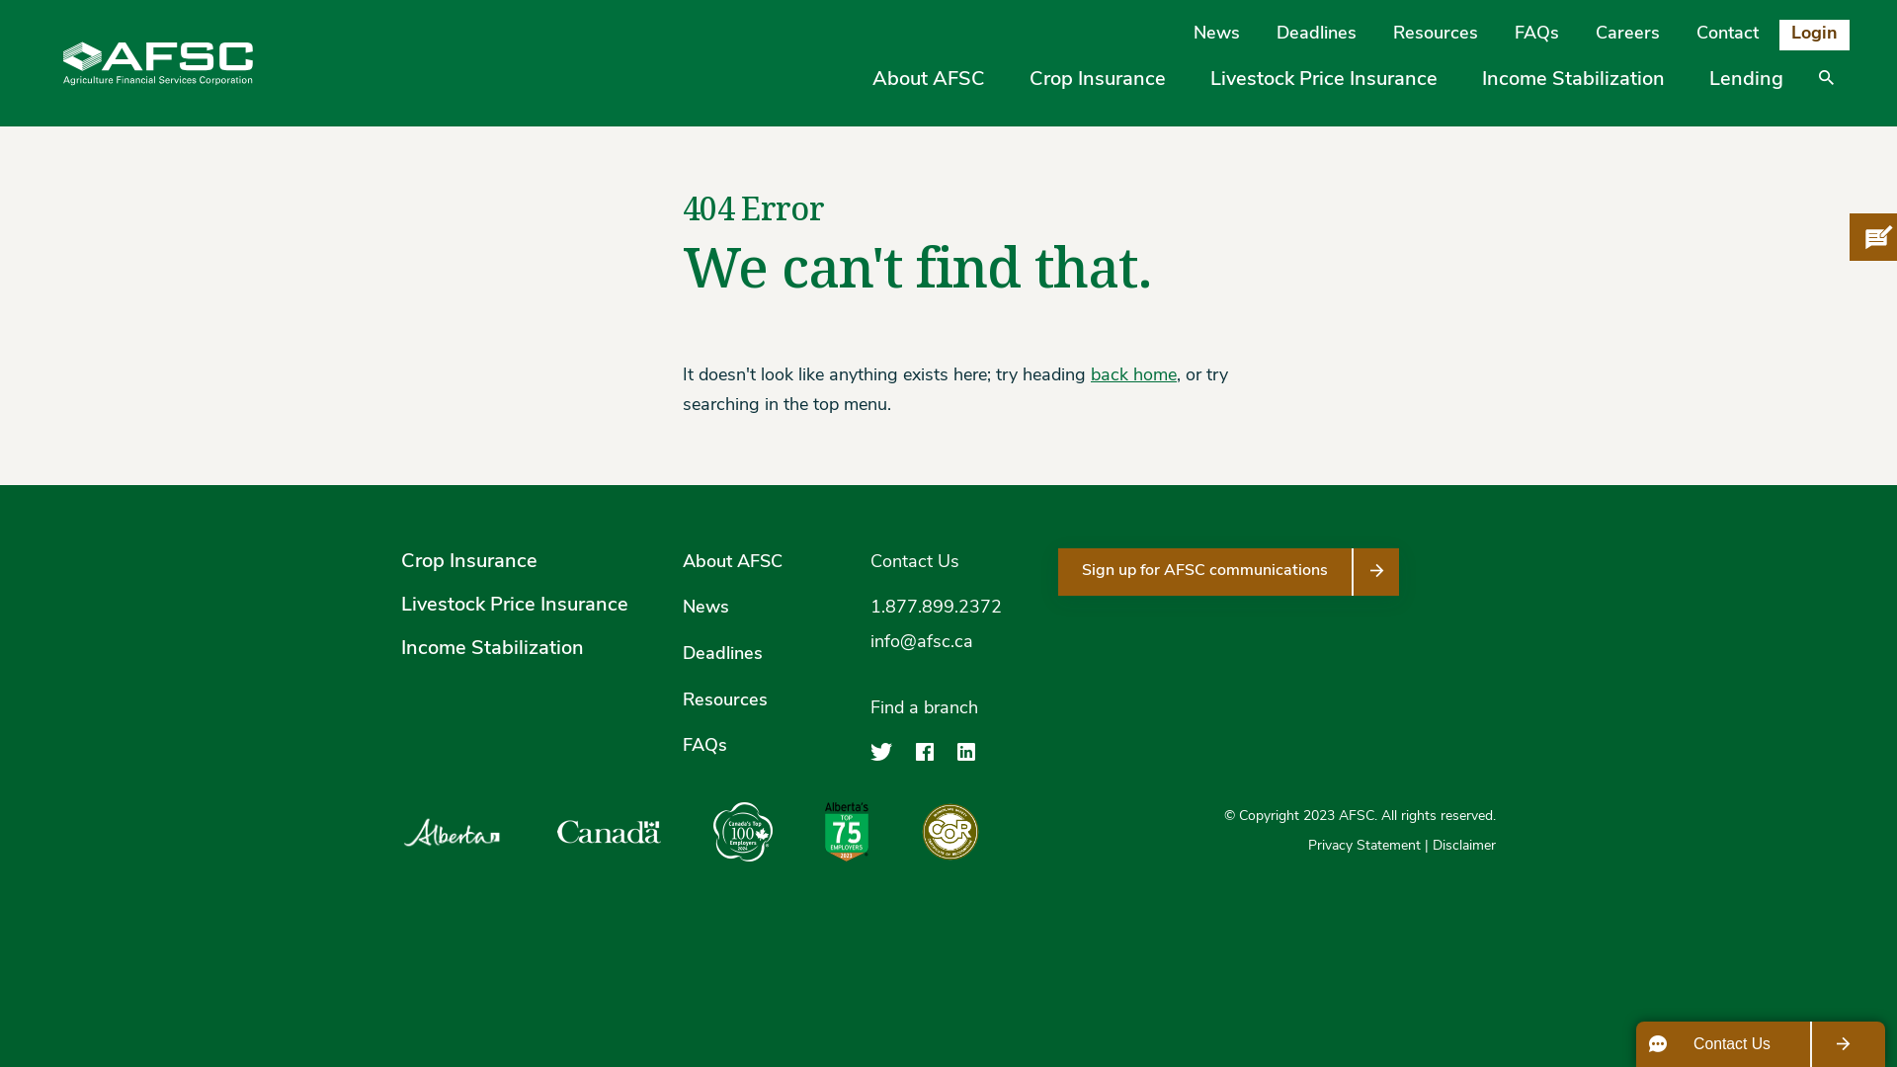 This screenshot has height=1067, width=1897. What do you see at coordinates (1688, 79) in the screenshot?
I see `'Lending'` at bounding box center [1688, 79].